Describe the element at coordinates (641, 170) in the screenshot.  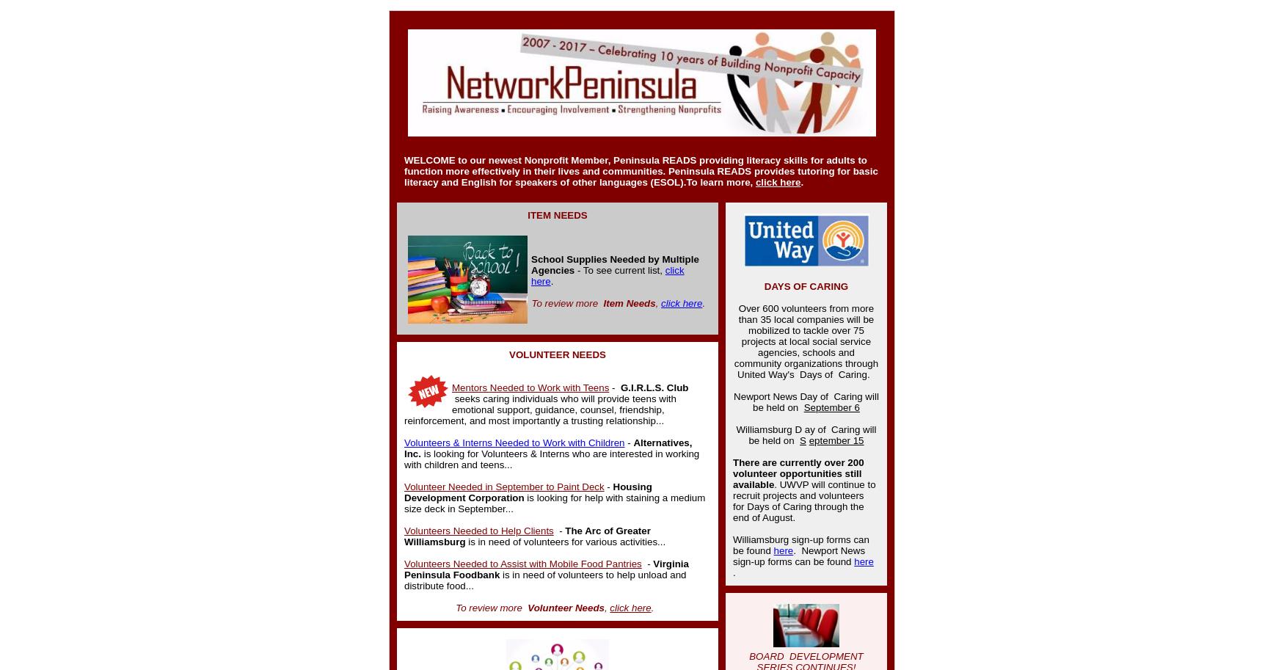
I see `'providing literacy skills for adults to function more effectively in their lives and communities. Peninsula READS provides tutoring for basic literacy and English for speakers of other languages (ESOL).'` at that location.